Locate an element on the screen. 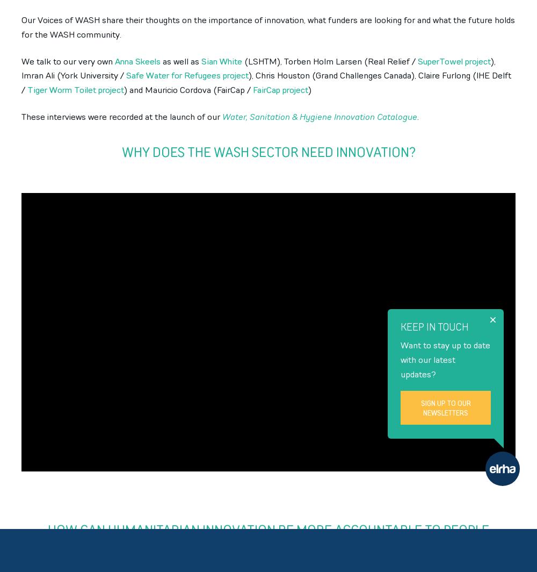 The height and width of the screenshot is (572, 537). 'Sian White' is located at coordinates (222, 61).